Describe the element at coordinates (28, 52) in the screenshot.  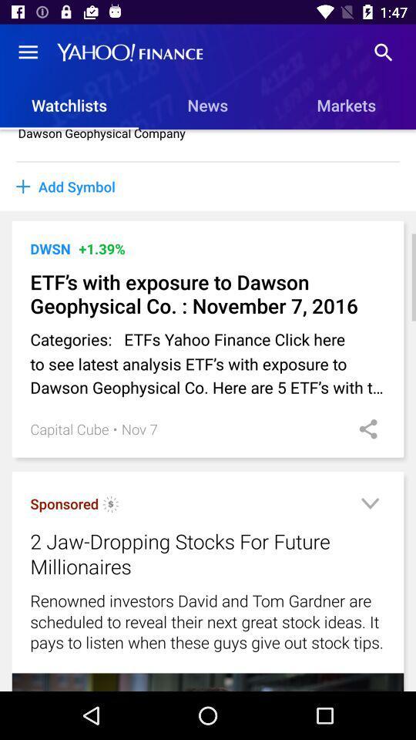
I see `the icon above the watchlists item` at that location.